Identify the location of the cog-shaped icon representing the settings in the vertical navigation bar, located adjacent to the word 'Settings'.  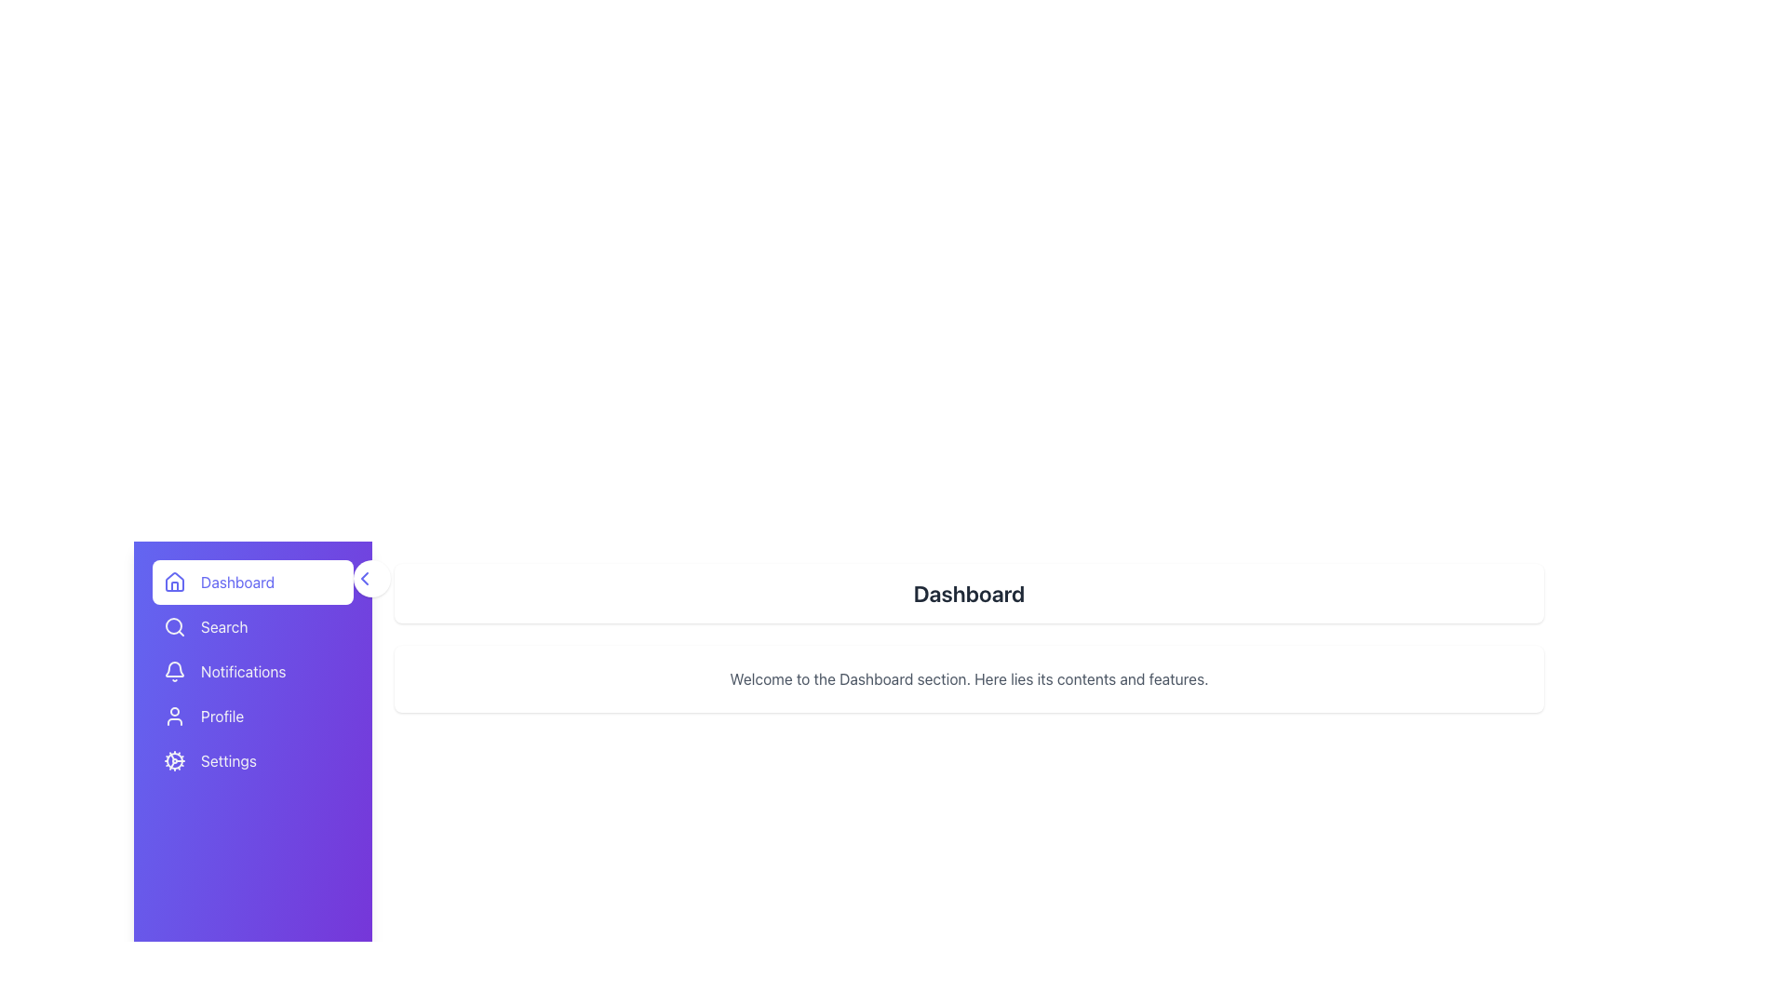
(174, 760).